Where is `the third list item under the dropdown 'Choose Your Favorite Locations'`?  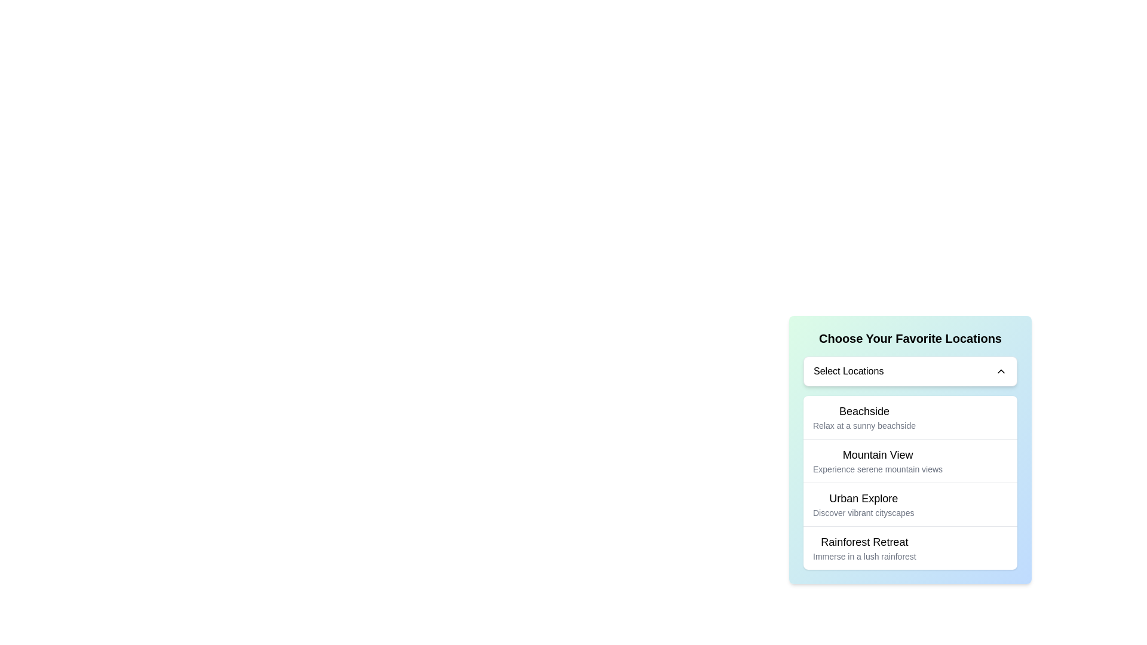 the third list item under the dropdown 'Choose Your Favorite Locations' is located at coordinates (909, 504).